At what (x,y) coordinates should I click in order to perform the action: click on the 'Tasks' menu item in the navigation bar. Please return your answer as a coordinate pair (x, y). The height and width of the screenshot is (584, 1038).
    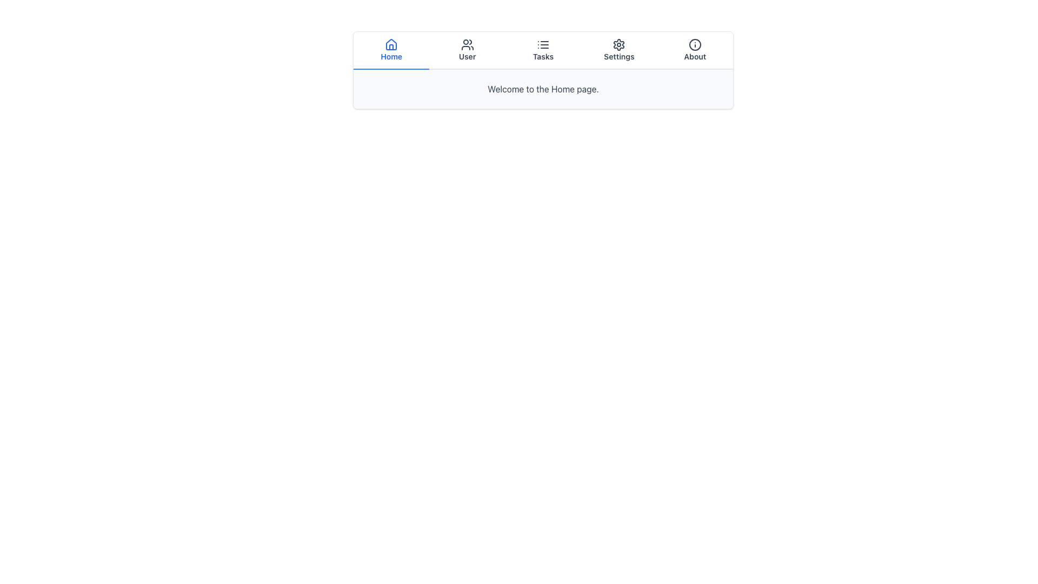
    Looking at the image, I should click on (543, 50).